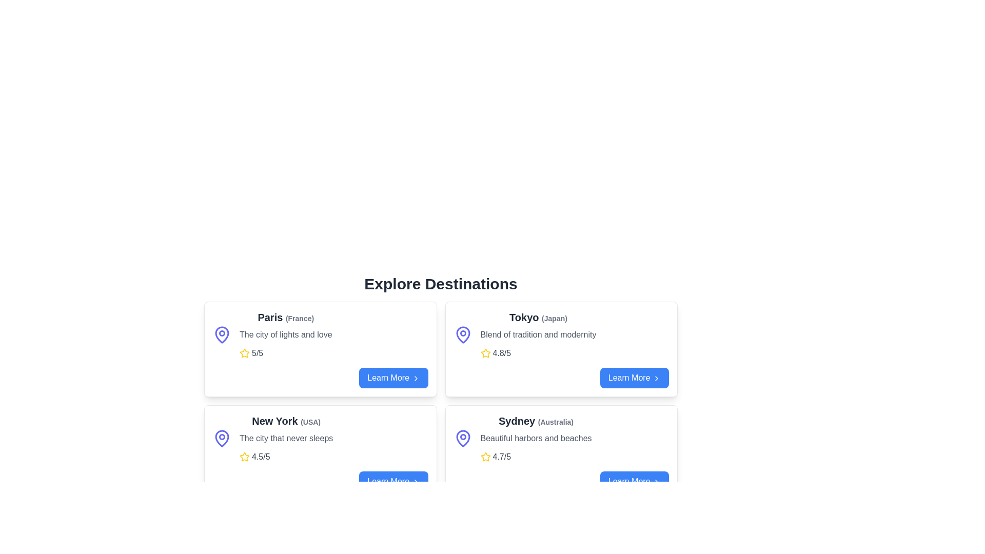 This screenshot has width=985, height=554. What do you see at coordinates (244, 457) in the screenshot?
I see `the golden-yellow star icon representing a rating next to the text '4.5/5' in the 'New York (USA)' card under 'Explore Destinations'` at bounding box center [244, 457].